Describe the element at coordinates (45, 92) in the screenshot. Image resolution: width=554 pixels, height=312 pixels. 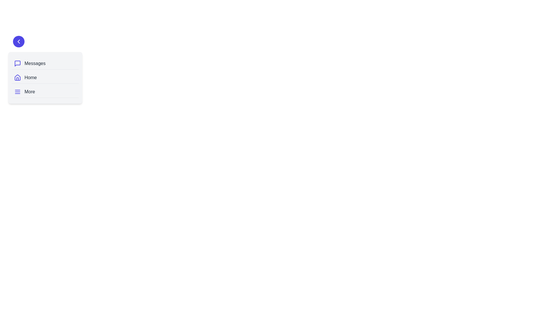
I see `the navigation item labeled 'More'` at that location.